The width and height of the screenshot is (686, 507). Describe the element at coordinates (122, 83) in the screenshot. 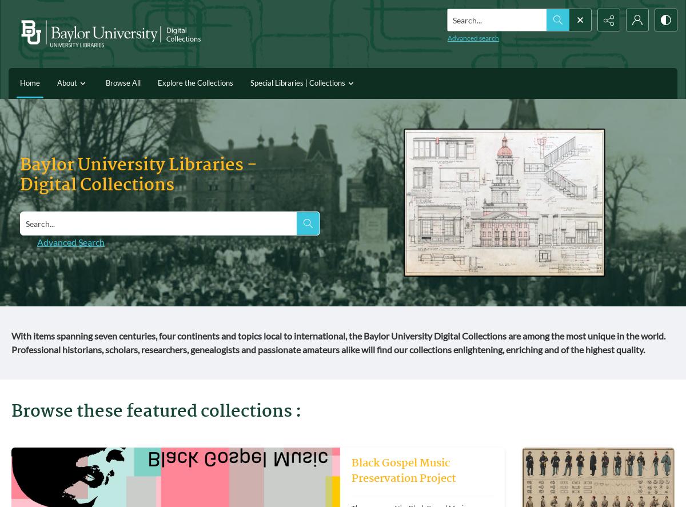

I see `'Browse All'` at that location.